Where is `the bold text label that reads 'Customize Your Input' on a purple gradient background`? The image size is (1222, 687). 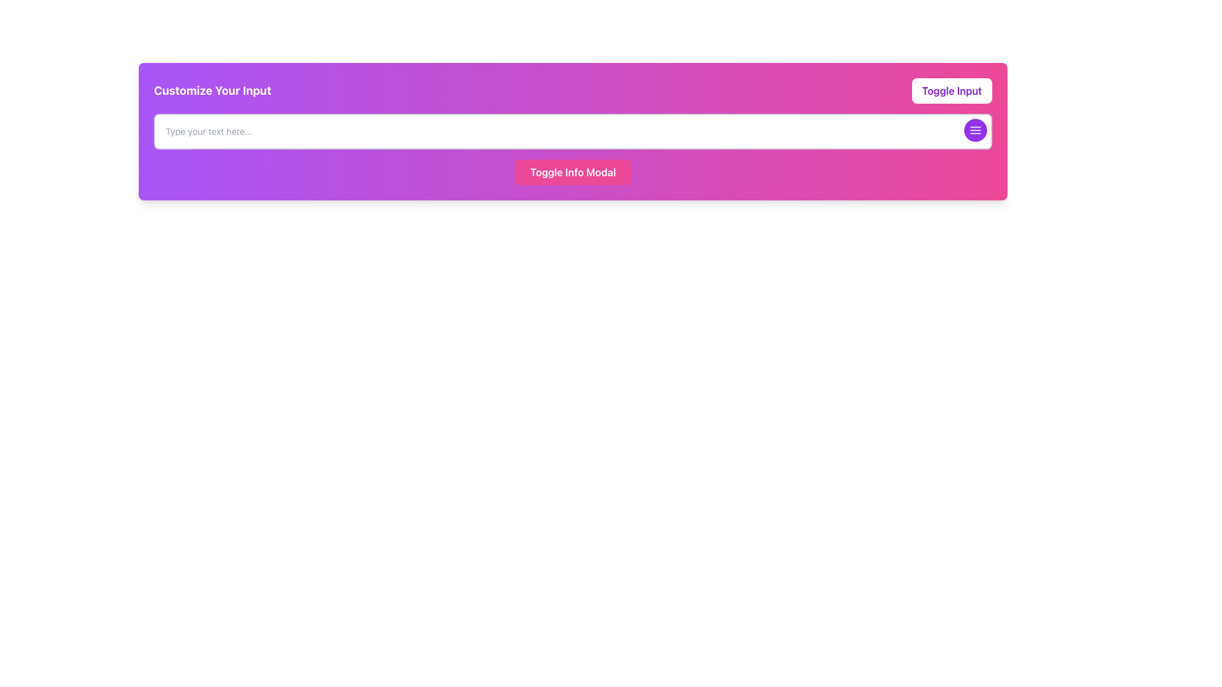
the bold text label that reads 'Customize Your Input' on a purple gradient background is located at coordinates (213, 90).